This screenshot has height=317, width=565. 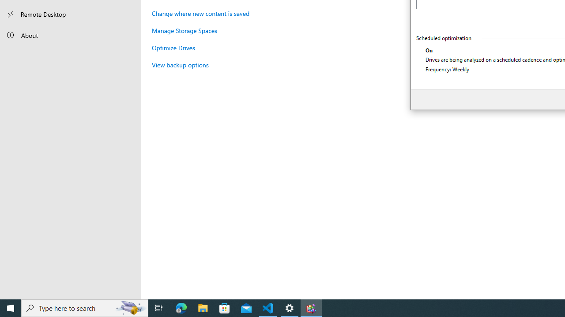 What do you see at coordinates (203, 307) in the screenshot?
I see `'File Explorer'` at bounding box center [203, 307].